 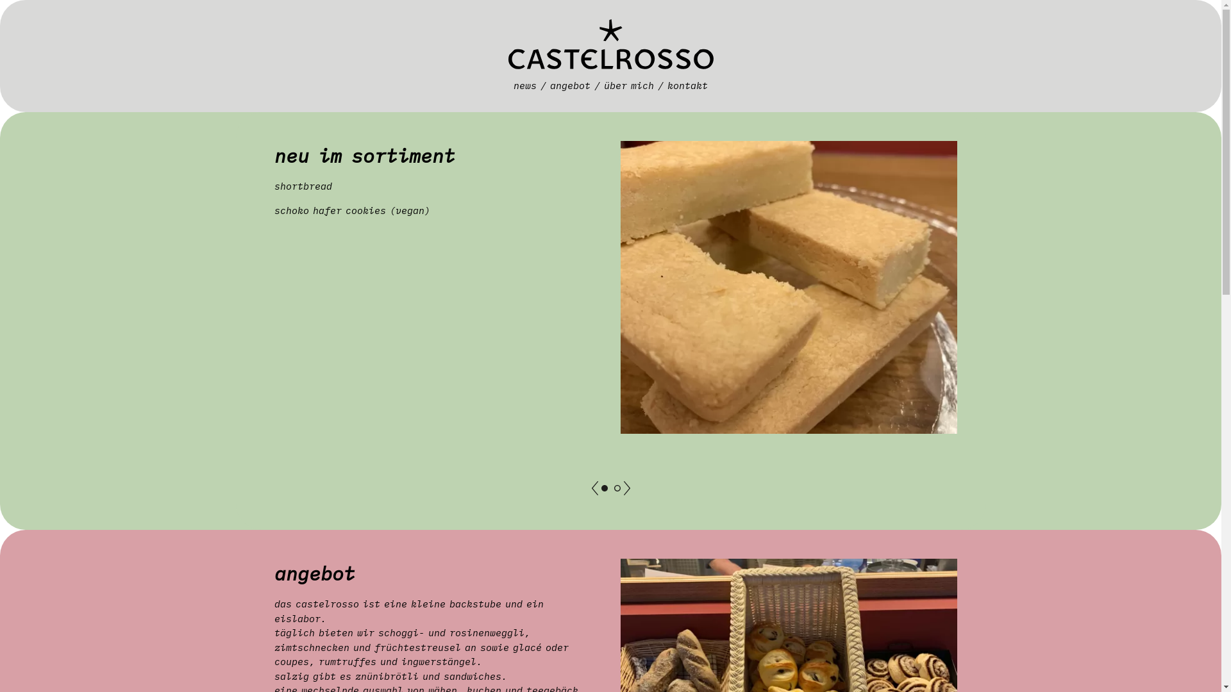 I want to click on 'previous', so click(x=593, y=488).